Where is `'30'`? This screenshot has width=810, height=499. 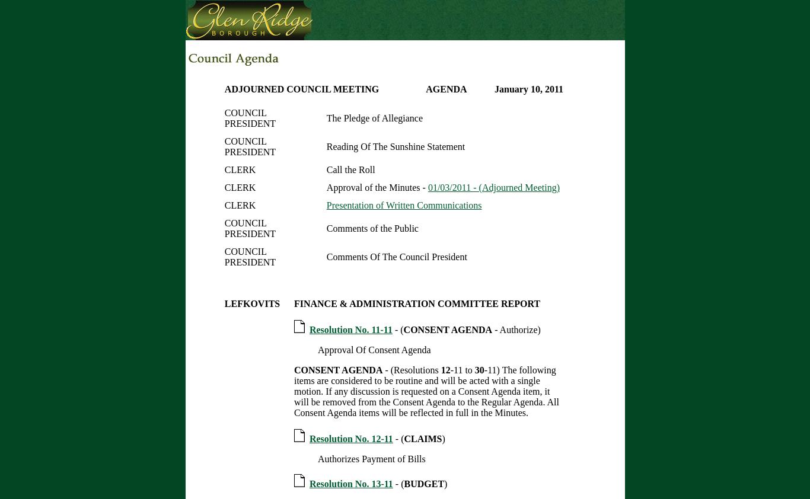
'30' is located at coordinates (478, 369).